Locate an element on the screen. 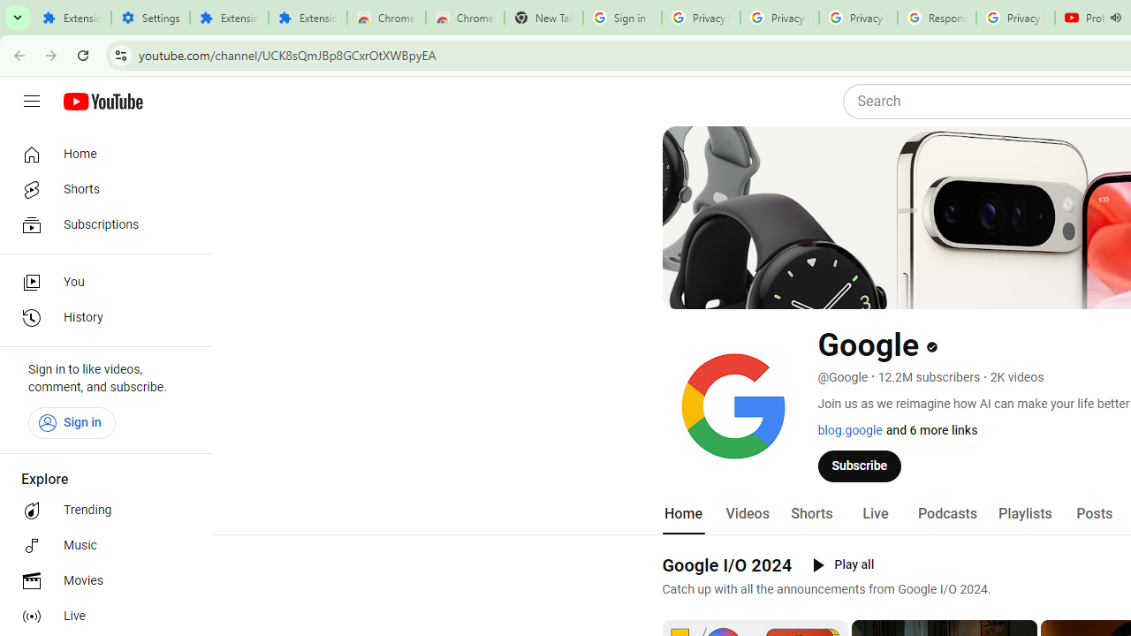  'Subscribe' is located at coordinates (860, 465).